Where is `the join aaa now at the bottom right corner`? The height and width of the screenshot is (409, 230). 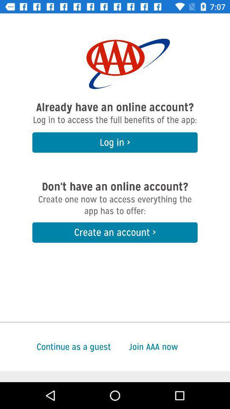 the join aaa now at the bottom right corner is located at coordinates (179, 347).